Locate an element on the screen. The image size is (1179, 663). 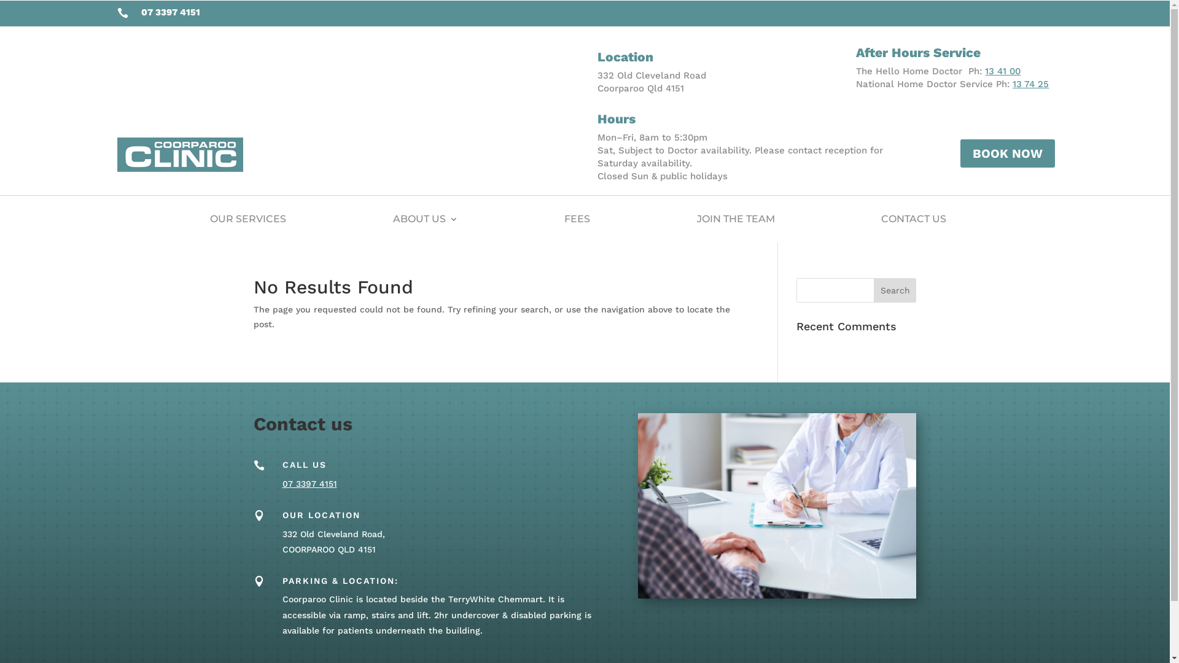
'JOIN THE TEAM' is located at coordinates (735, 219).